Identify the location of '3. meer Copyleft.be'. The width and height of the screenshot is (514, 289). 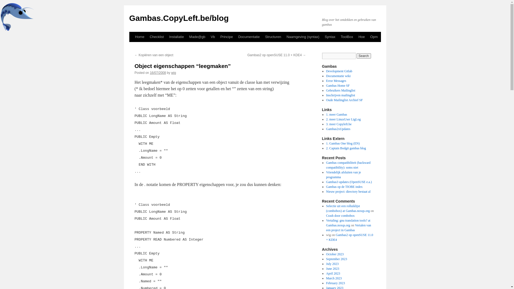
(338, 124).